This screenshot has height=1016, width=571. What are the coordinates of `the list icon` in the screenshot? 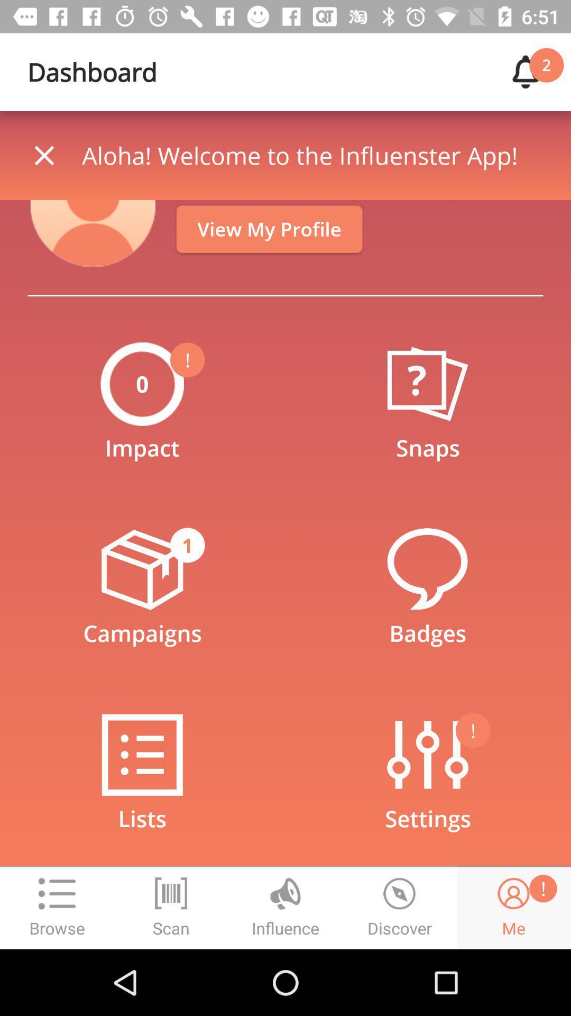 It's located at (142, 754).